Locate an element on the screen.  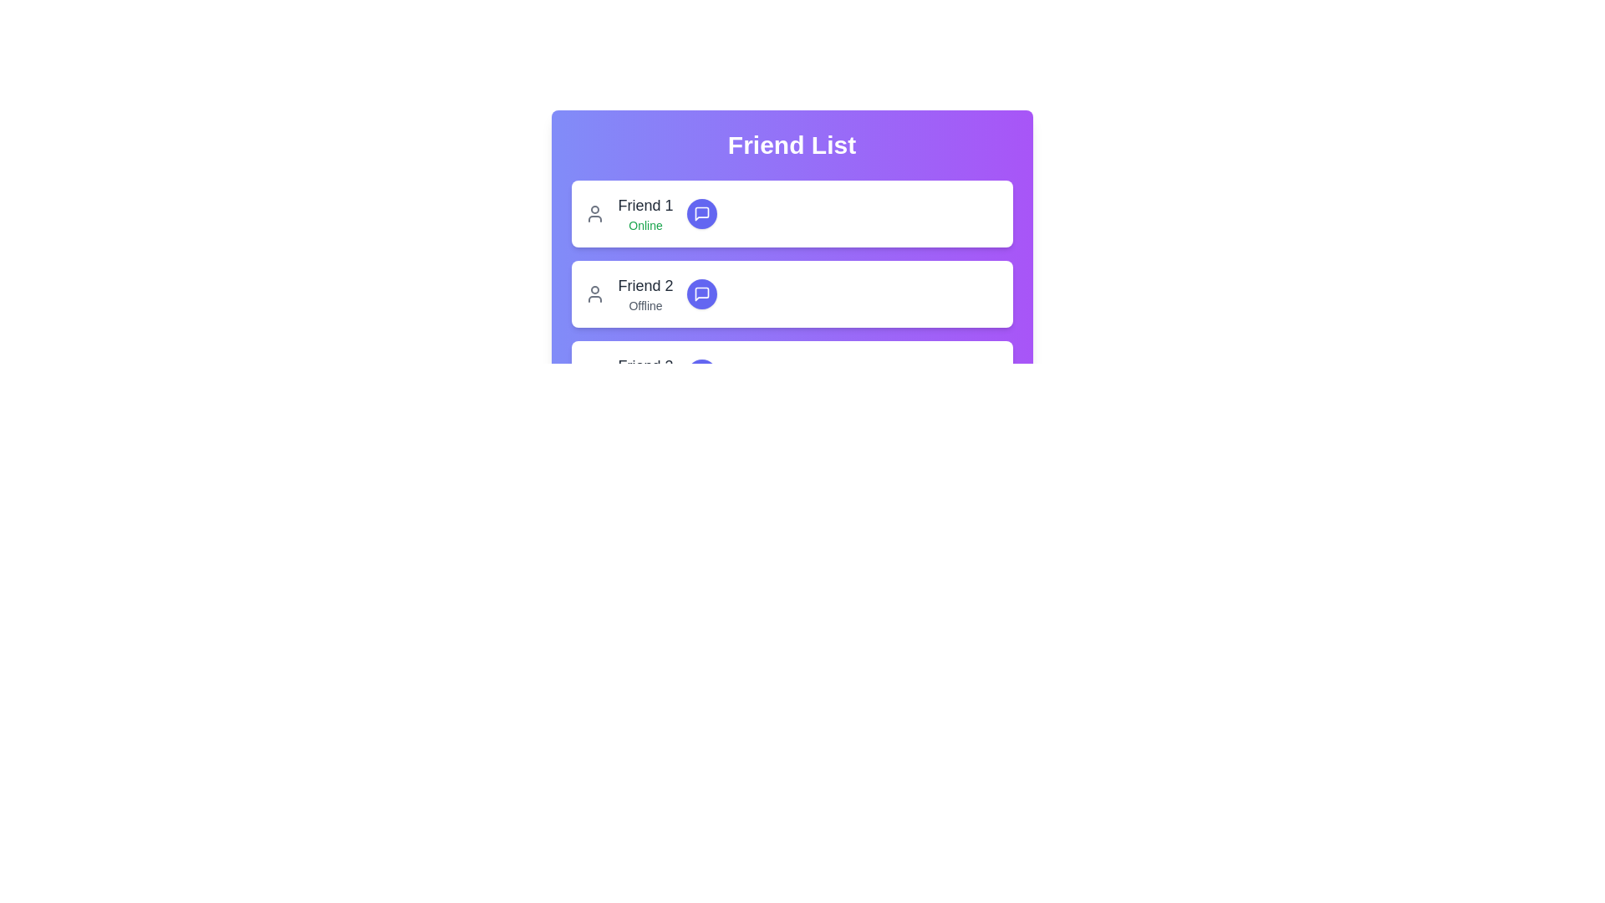
the button labeled 'Friend 1' that initiates a chat interface for accessibility usage is located at coordinates (701, 212).